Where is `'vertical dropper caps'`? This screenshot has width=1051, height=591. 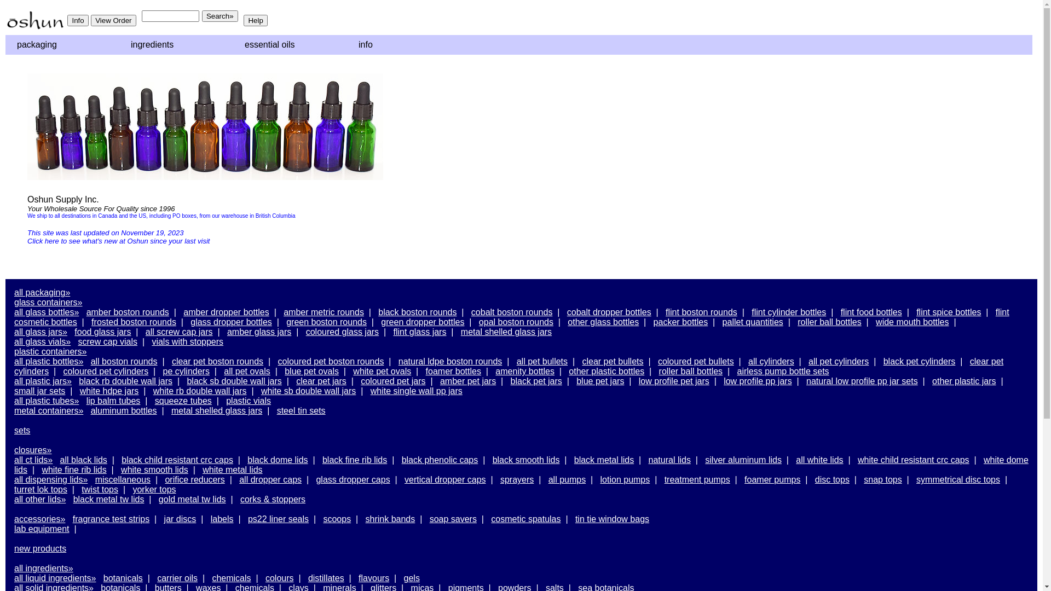 'vertical dropper caps' is located at coordinates (404, 479).